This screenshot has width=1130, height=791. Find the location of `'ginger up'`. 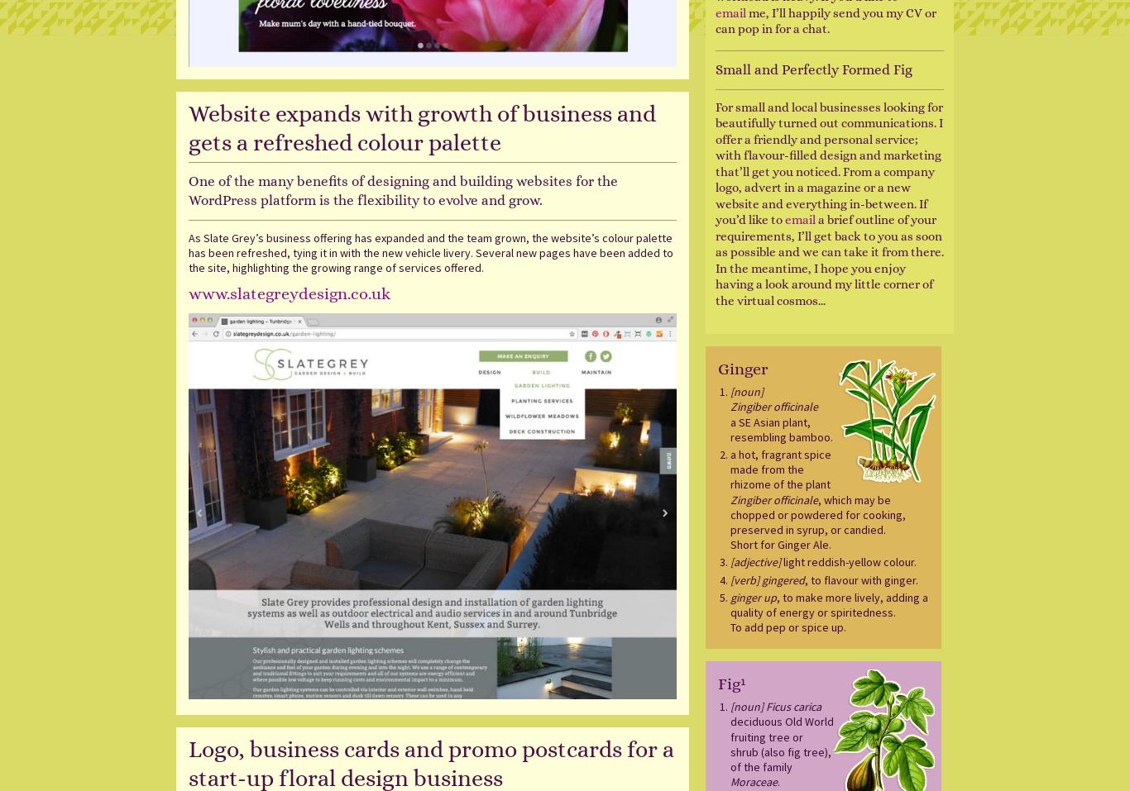

'ginger up' is located at coordinates (729, 596).